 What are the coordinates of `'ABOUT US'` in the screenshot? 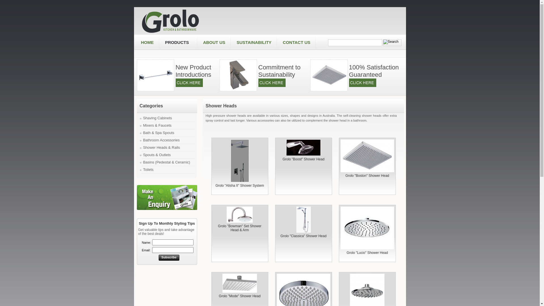 It's located at (214, 42).